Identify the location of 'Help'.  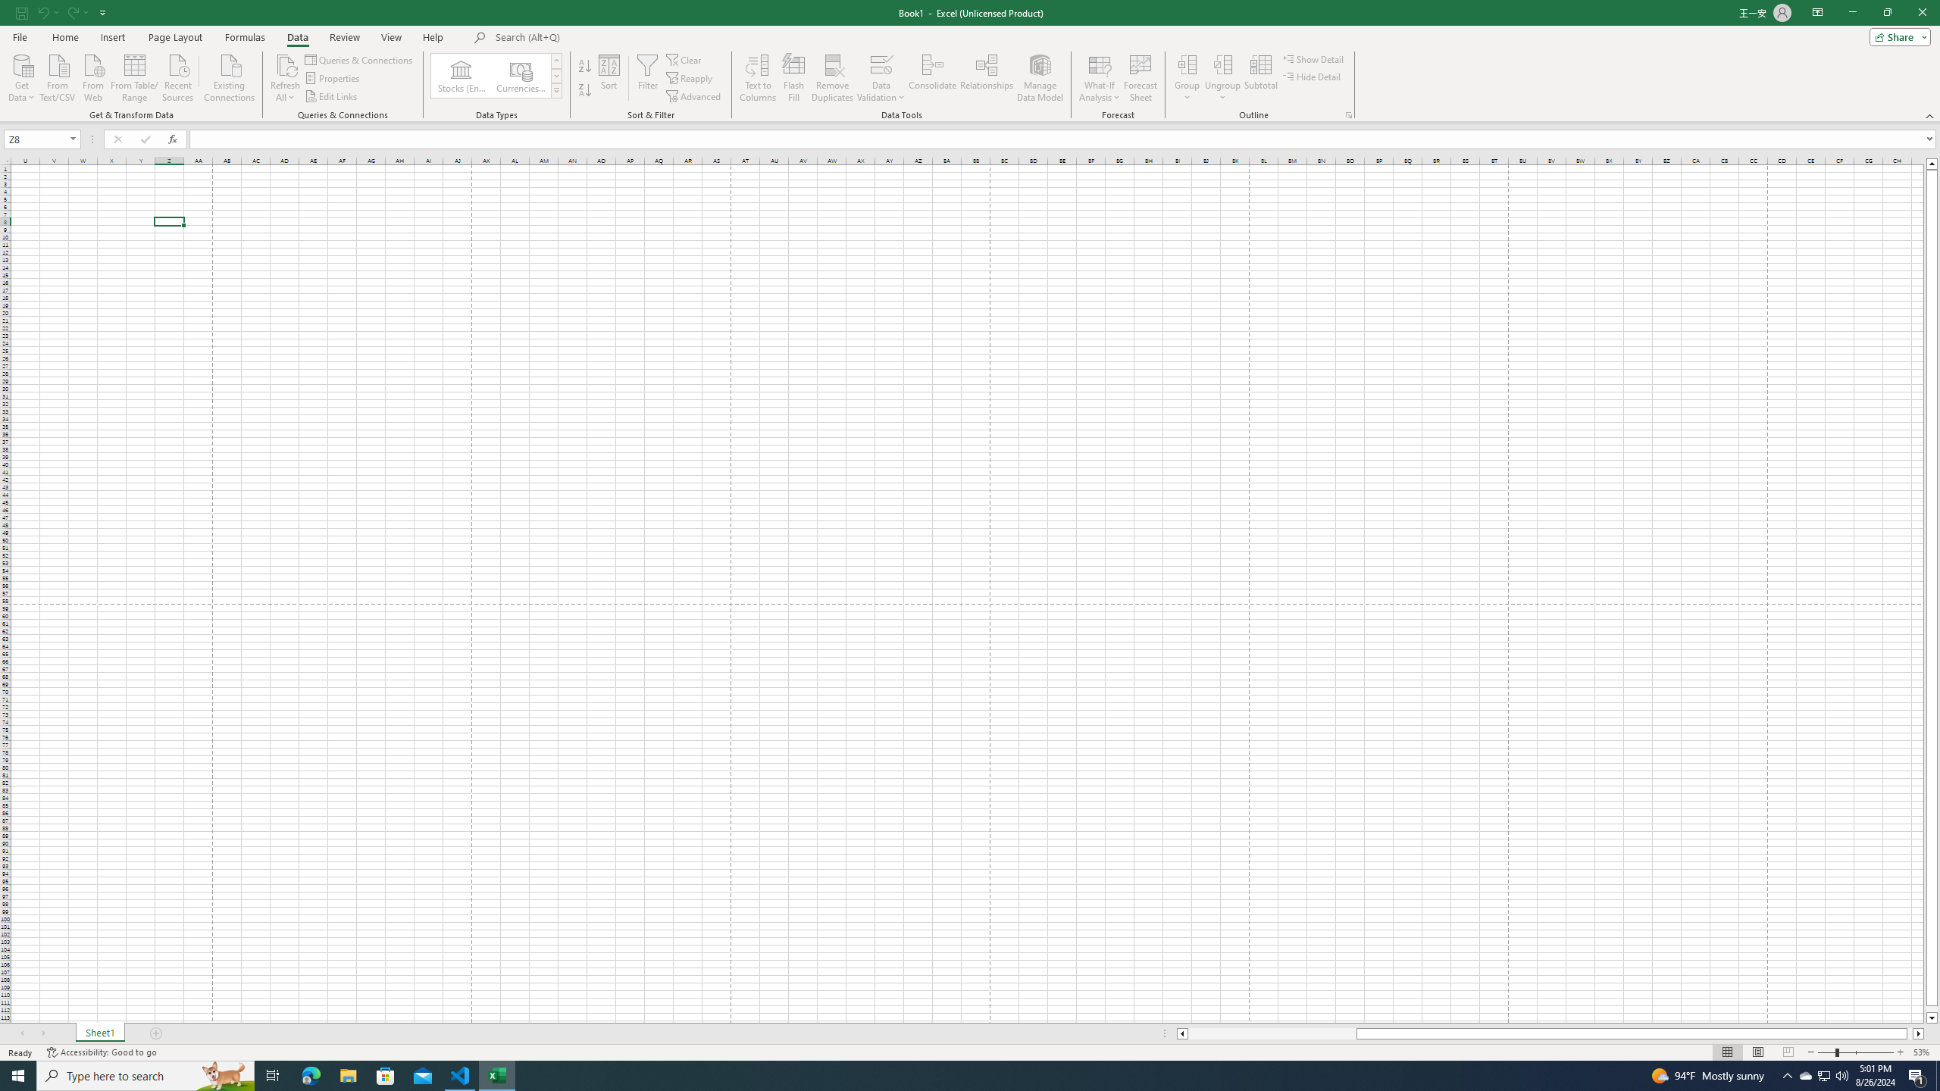
(433, 37).